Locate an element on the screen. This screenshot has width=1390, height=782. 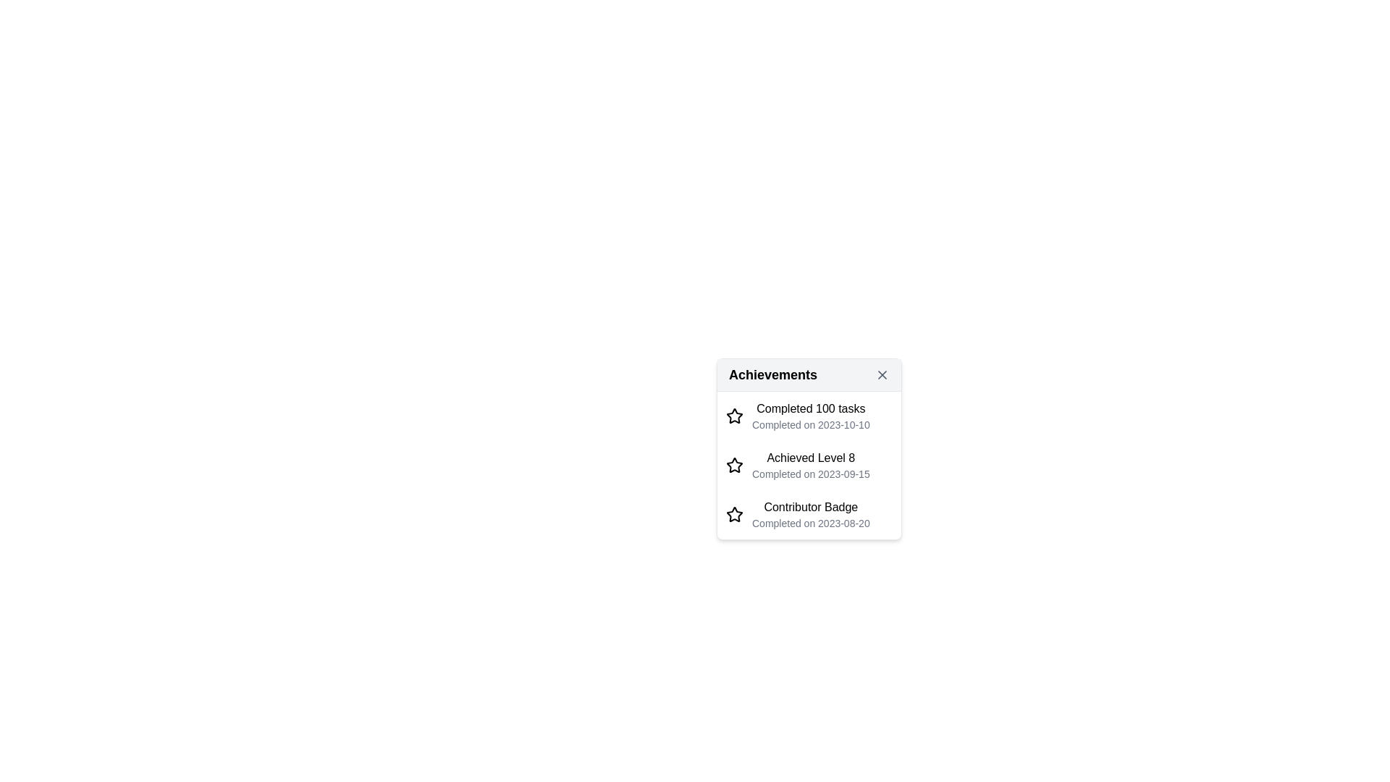
the star icon that represents the achievement 'Completed 100 tasks' located under the 'Achievements' panel is located at coordinates (734, 513).